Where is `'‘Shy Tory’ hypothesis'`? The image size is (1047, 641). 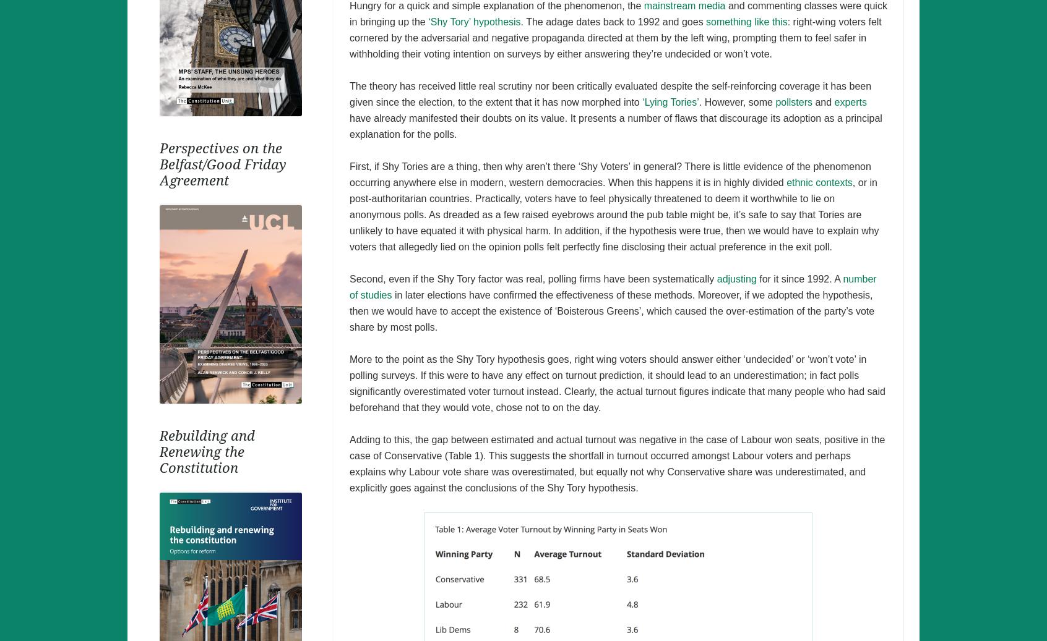
'‘Shy Tory’ hypothesis' is located at coordinates (473, 20).